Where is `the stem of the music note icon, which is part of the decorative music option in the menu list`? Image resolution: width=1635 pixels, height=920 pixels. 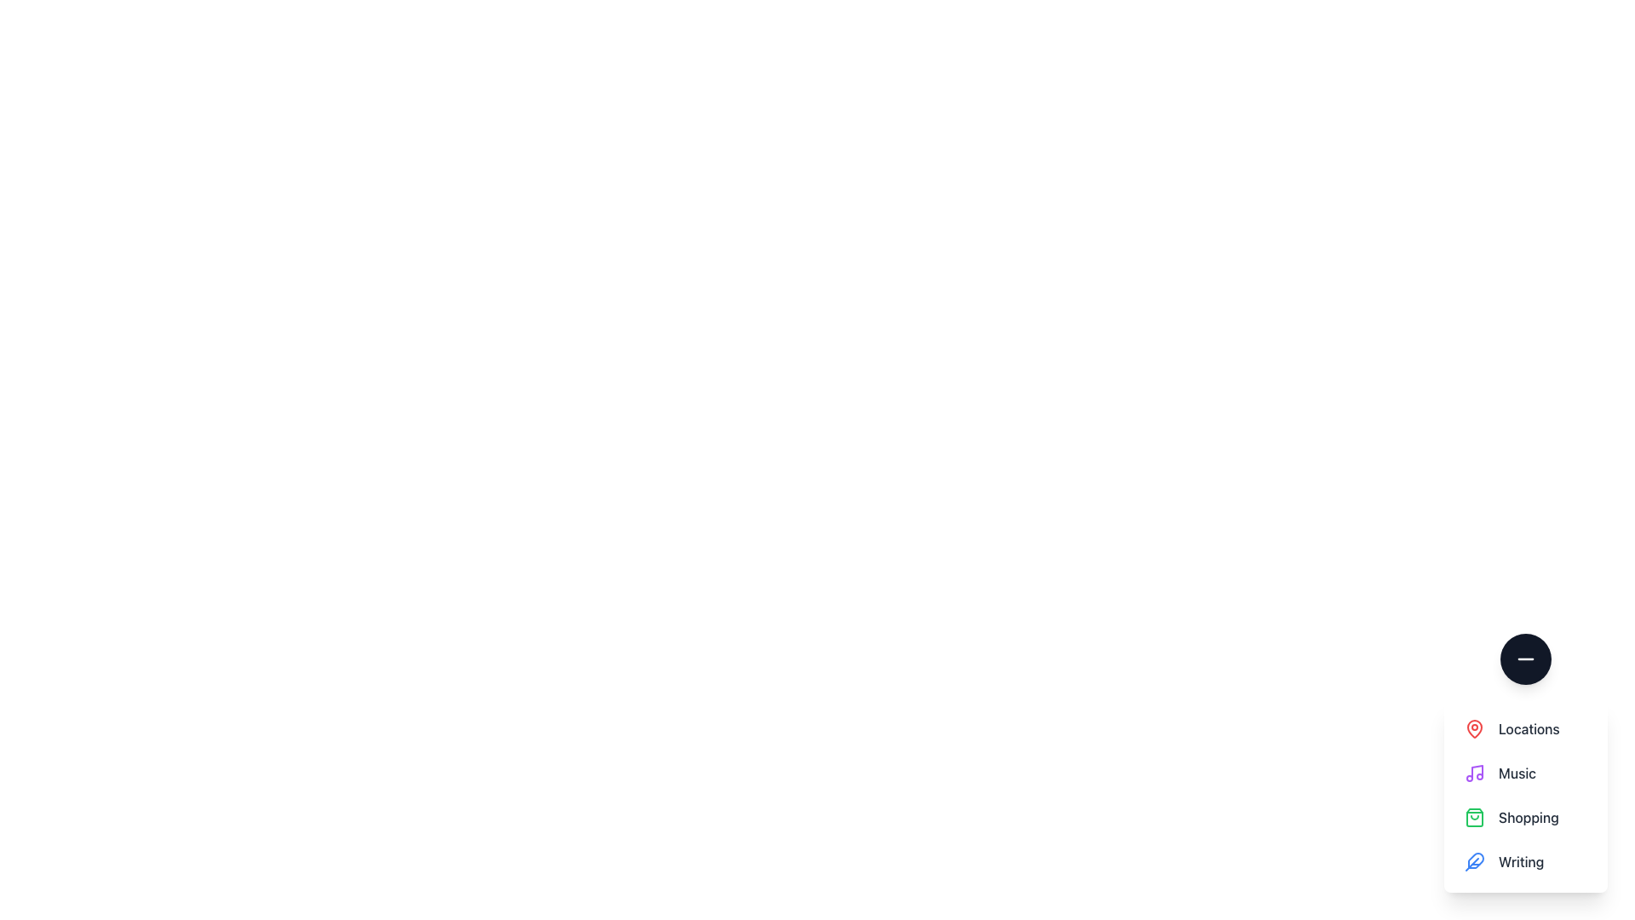
the stem of the music note icon, which is part of the decorative music option in the menu list is located at coordinates (1476, 772).